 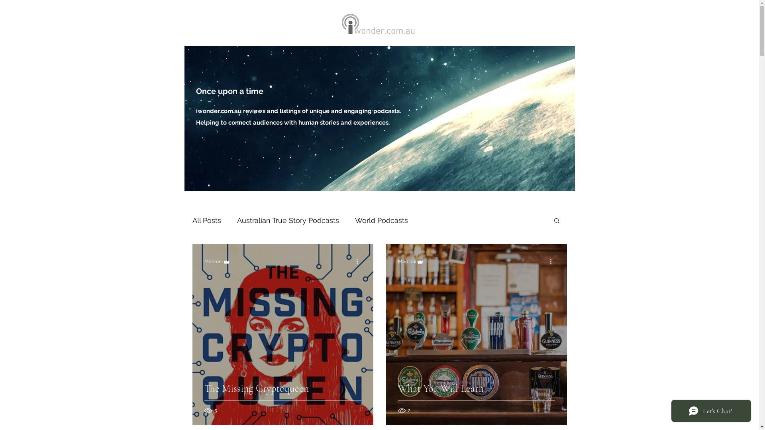 What do you see at coordinates (398, 398) in the screenshot?
I see `'What You Will Learn'` at bounding box center [398, 398].